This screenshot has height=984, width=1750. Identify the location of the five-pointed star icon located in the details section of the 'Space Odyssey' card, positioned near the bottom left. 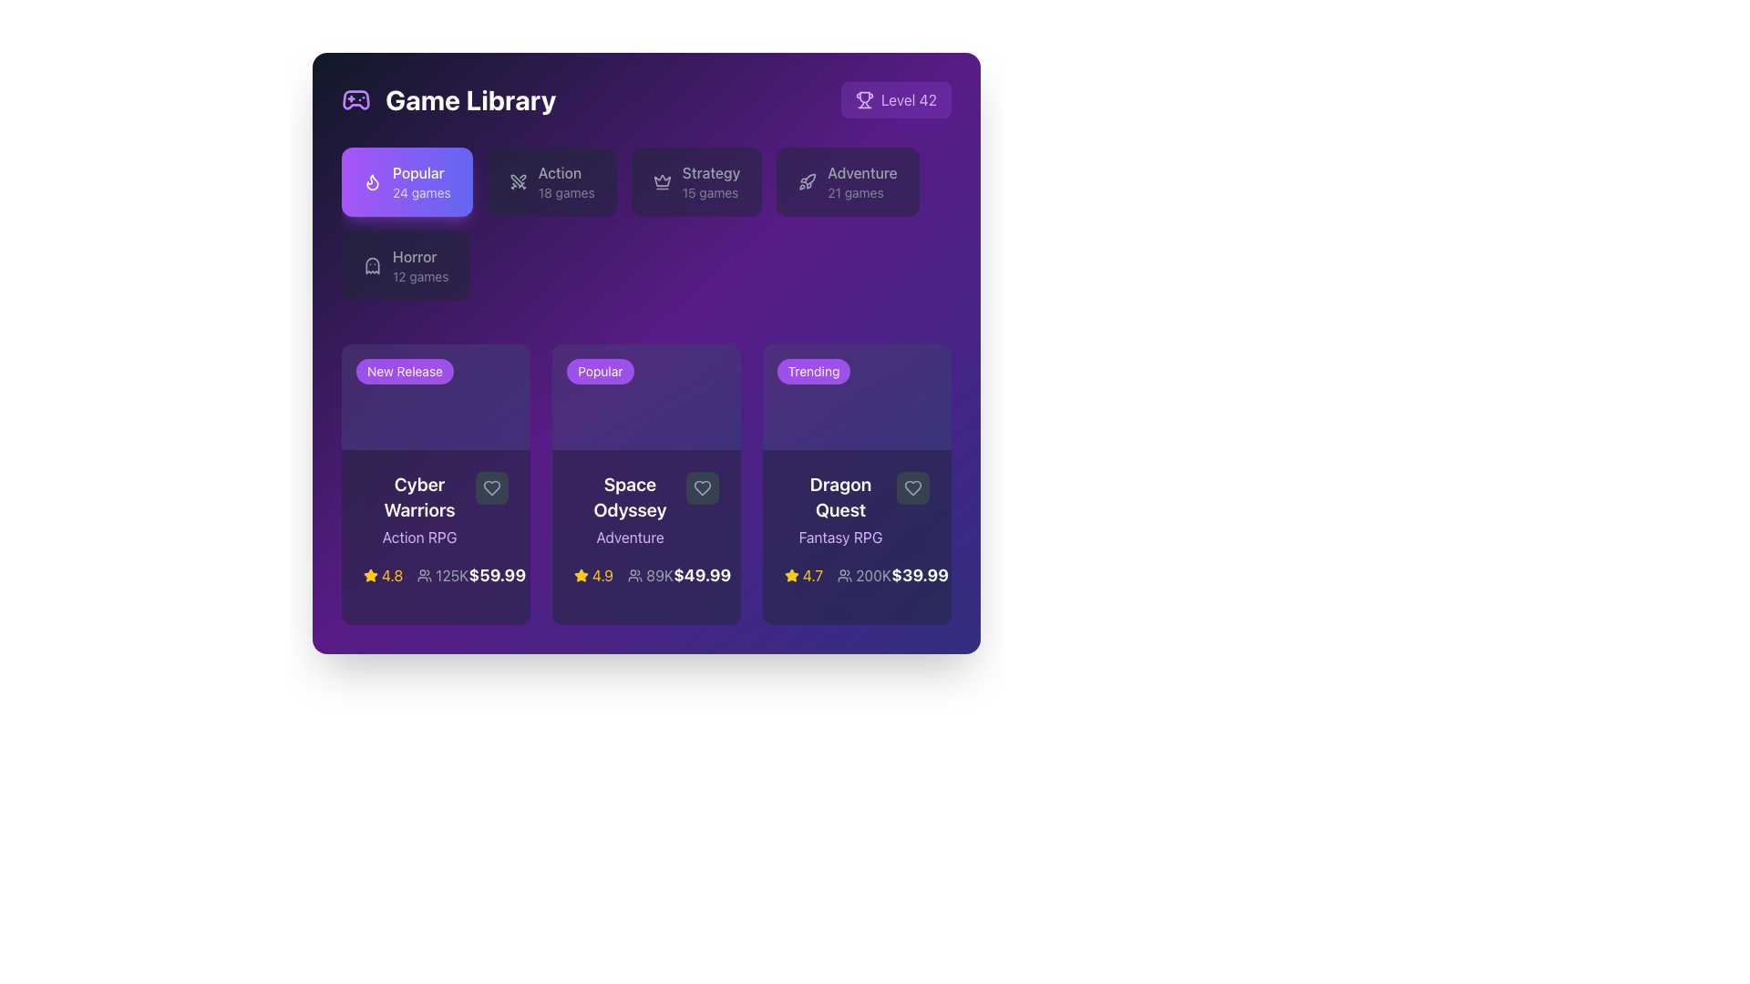
(581, 576).